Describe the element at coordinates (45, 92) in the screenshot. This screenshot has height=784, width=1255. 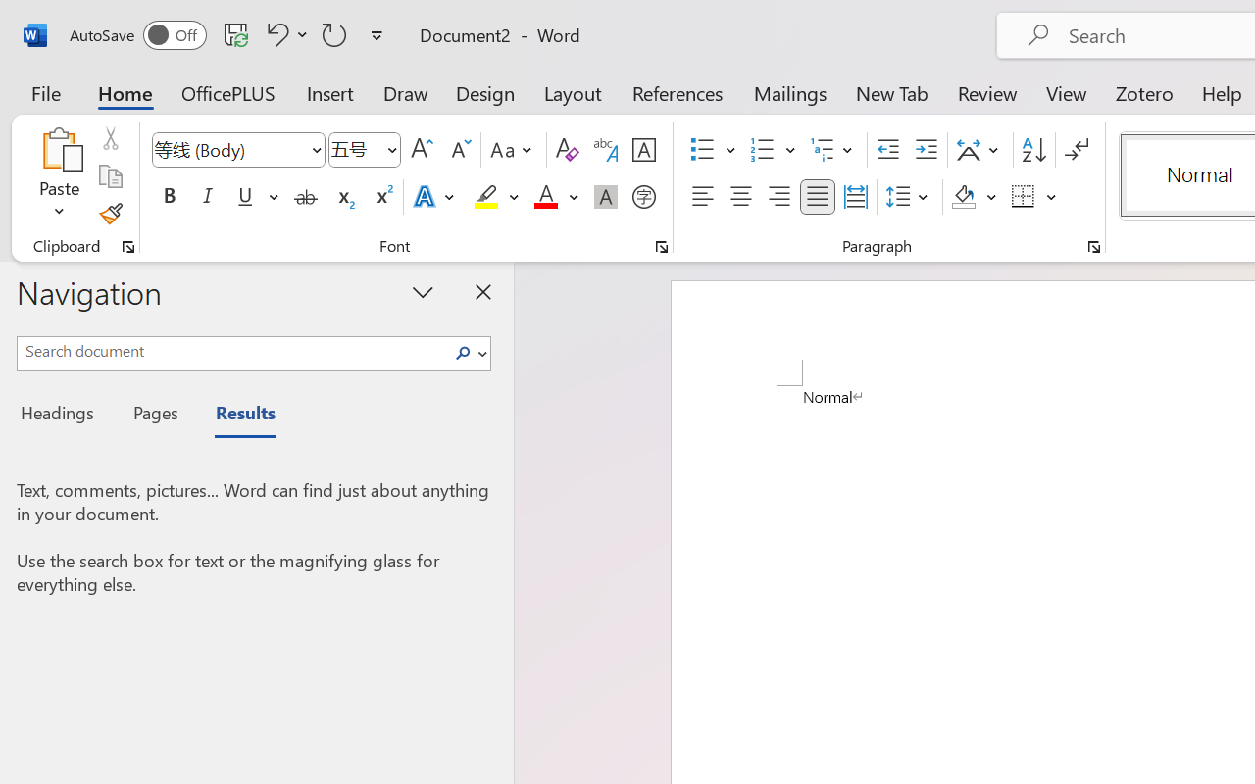
I see `'File Tab'` at that location.